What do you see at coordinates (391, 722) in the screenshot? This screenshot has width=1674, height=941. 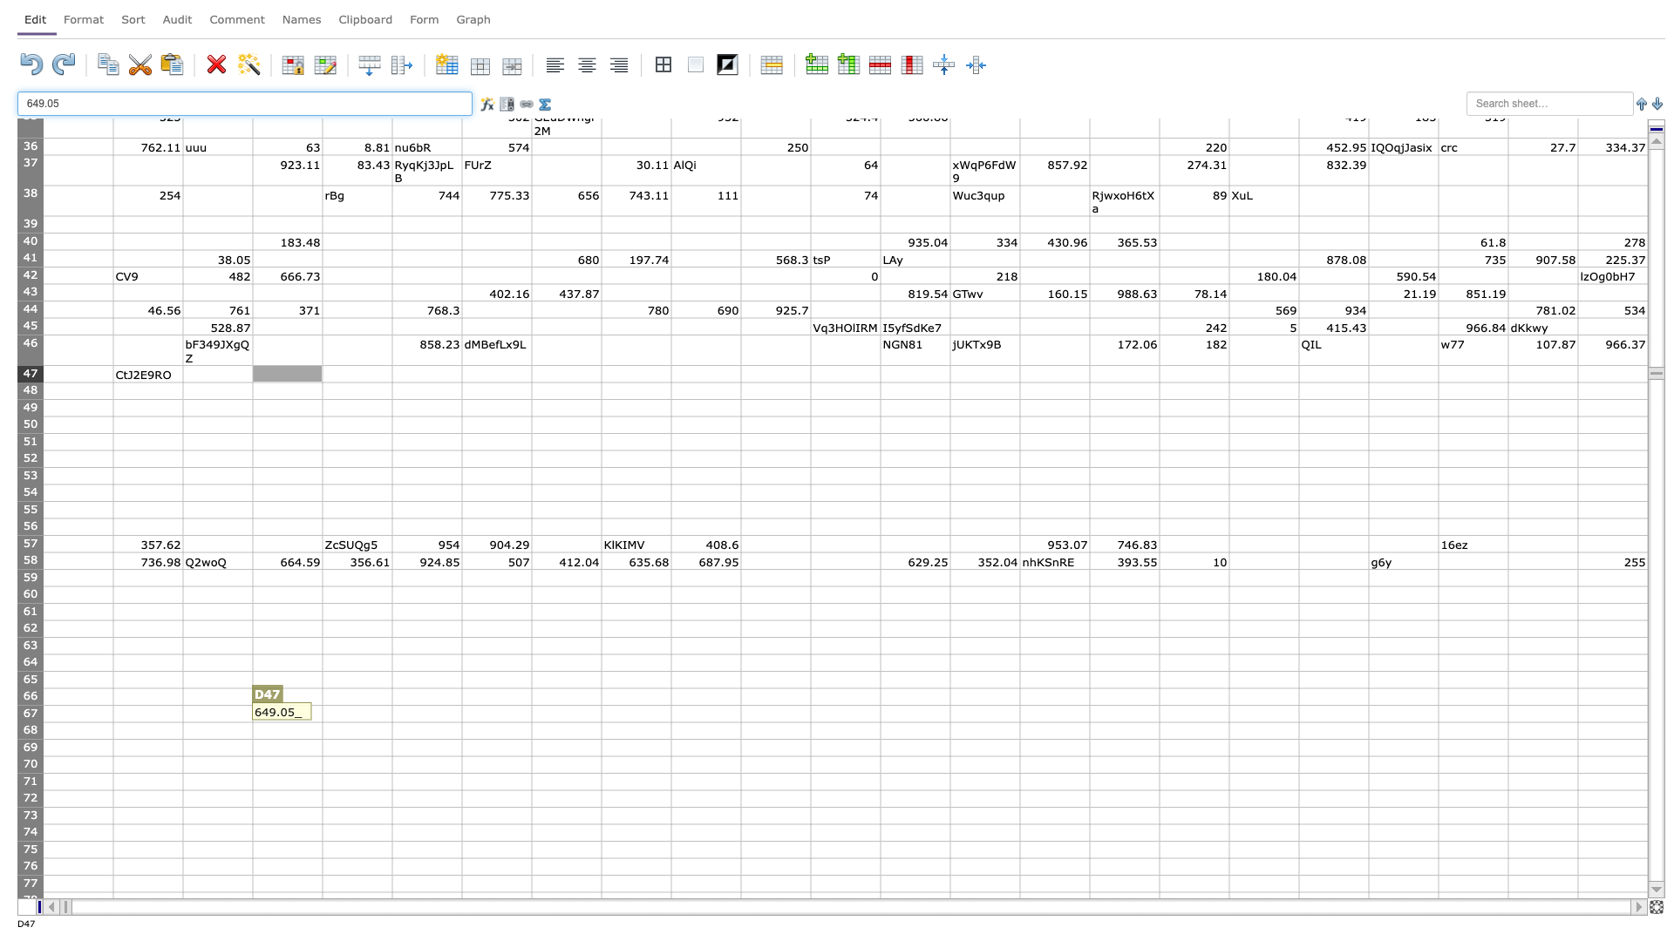 I see `Bottom right of cell E67` at bounding box center [391, 722].